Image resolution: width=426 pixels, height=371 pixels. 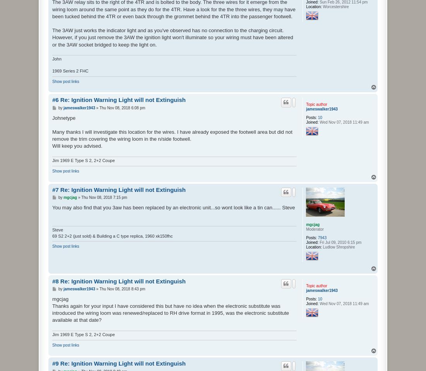 I want to click on '#9 Re: Ignition Warning Light will not Extinguish', so click(x=119, y=363).